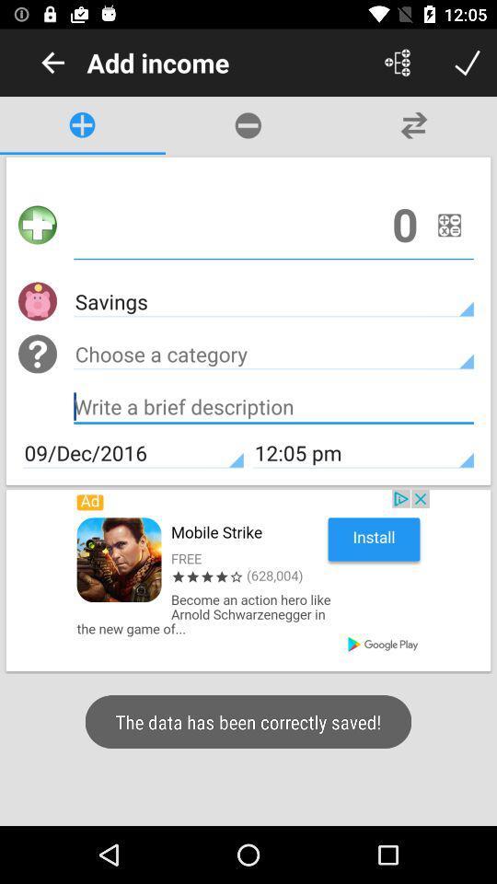  I want to click on open ability to write a description, so click(272, 409).